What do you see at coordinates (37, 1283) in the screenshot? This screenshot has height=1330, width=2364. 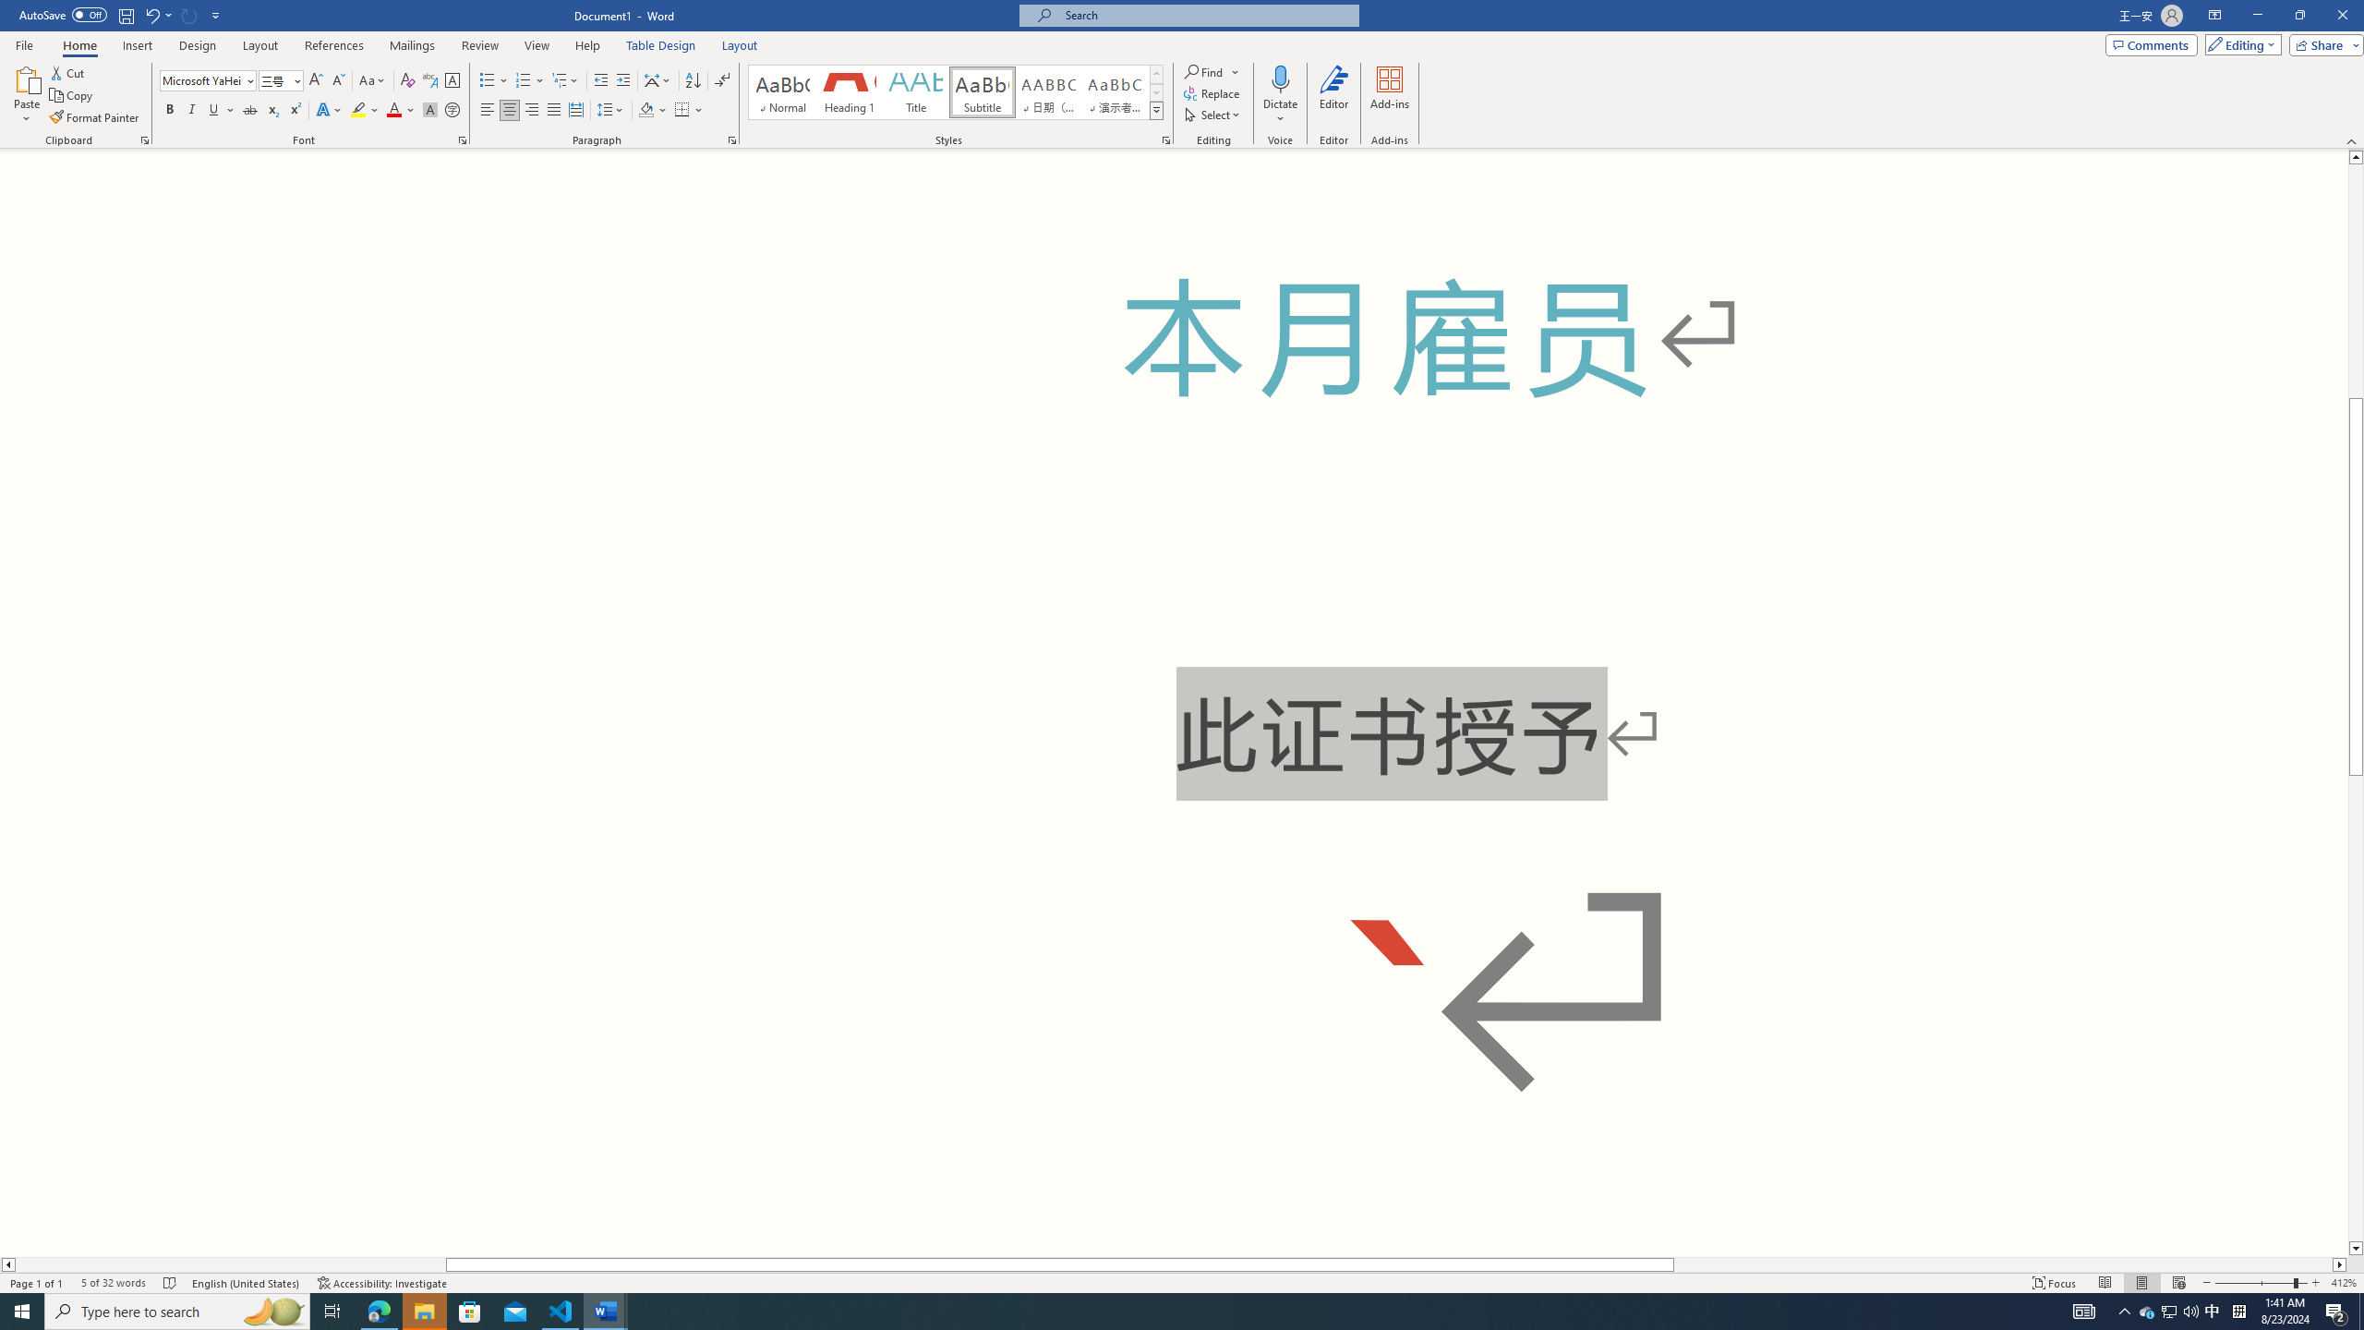 I see `'Page Number Page 1 of 1'` at bounding box center [37, 1283].